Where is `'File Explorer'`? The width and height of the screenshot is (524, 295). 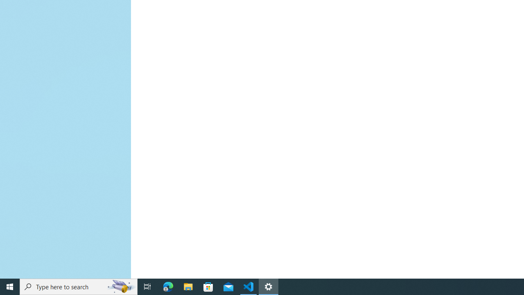 'File Explorer' is located at coordinates (188, 286).